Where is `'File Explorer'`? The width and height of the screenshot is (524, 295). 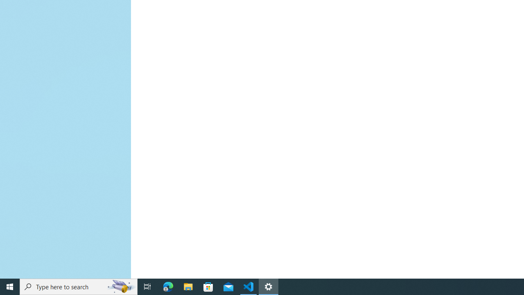 'File Explorer' is located at coordinates (188, 286).